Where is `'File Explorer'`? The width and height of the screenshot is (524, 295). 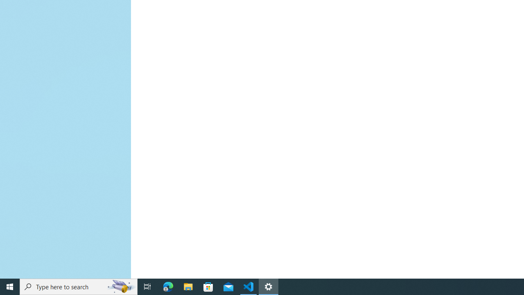 'File Explorer' is located at coordinates (188, 286).